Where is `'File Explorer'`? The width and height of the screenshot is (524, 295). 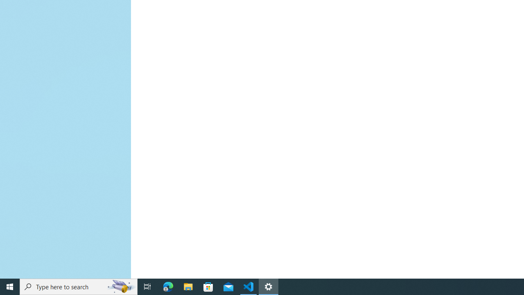 'File Explorer' is located at coordinates (188, 286).